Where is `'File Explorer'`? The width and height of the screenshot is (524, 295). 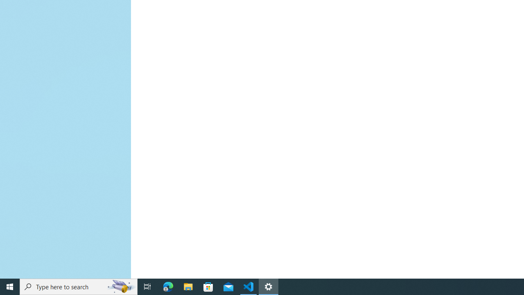 'File Explorer' is located at coordinates (188, 286).